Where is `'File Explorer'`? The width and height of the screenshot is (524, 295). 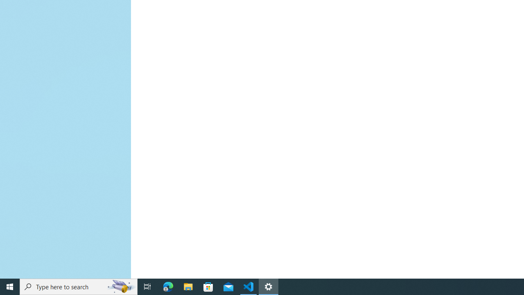 'File Explorer' is located at coordinates (188, 286).